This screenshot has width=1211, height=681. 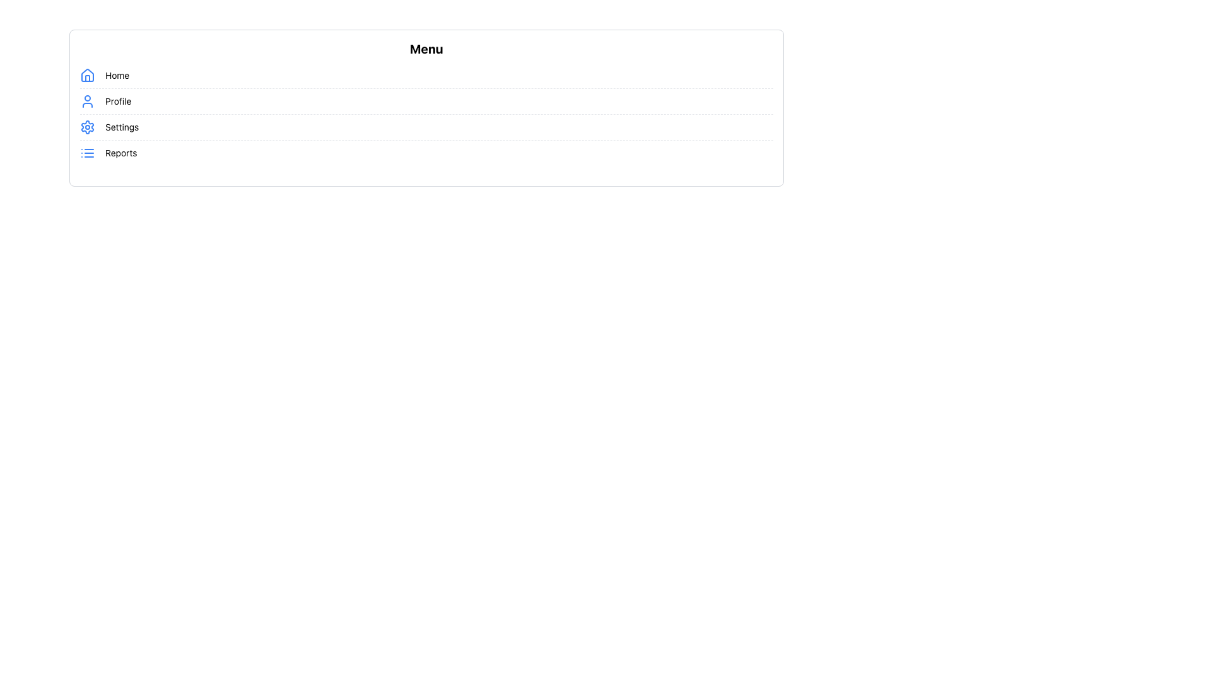 What do you see at coordinates (87, 75) in the screenshot?
I see `the 'Home' icon located on the leftmost side of the 'Home' navigation option in the vertical menu` at bounding box center [87, 75].